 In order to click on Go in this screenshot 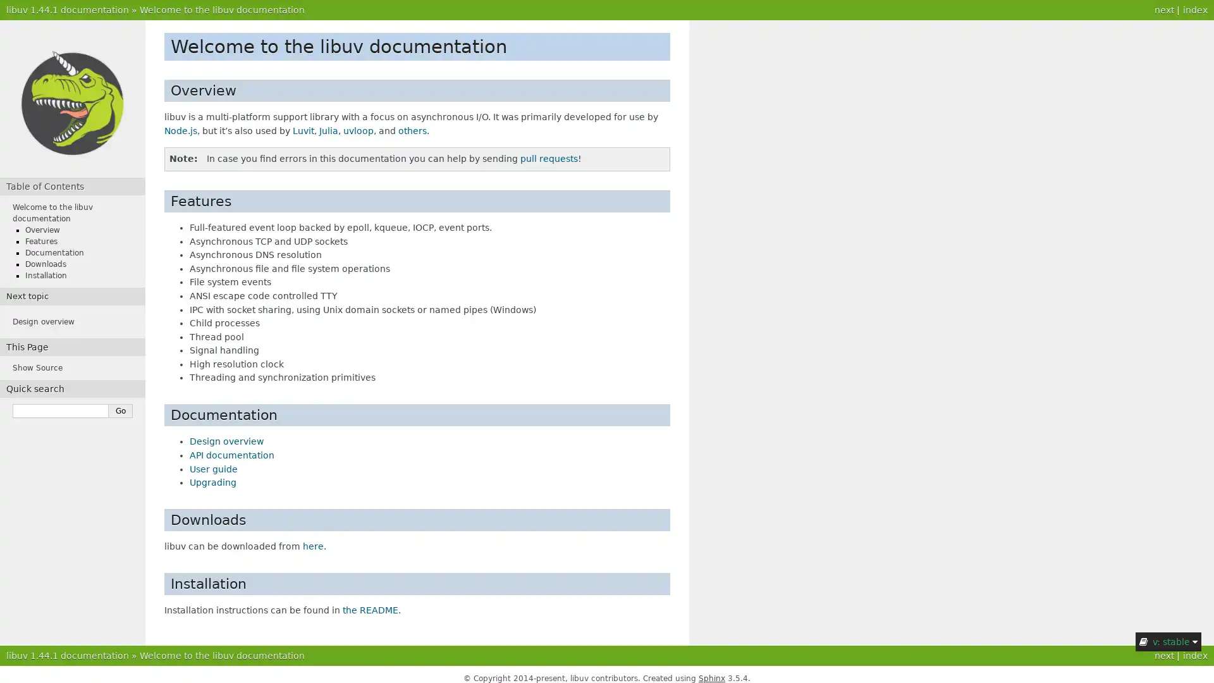, I will do `click(121, 411)`.